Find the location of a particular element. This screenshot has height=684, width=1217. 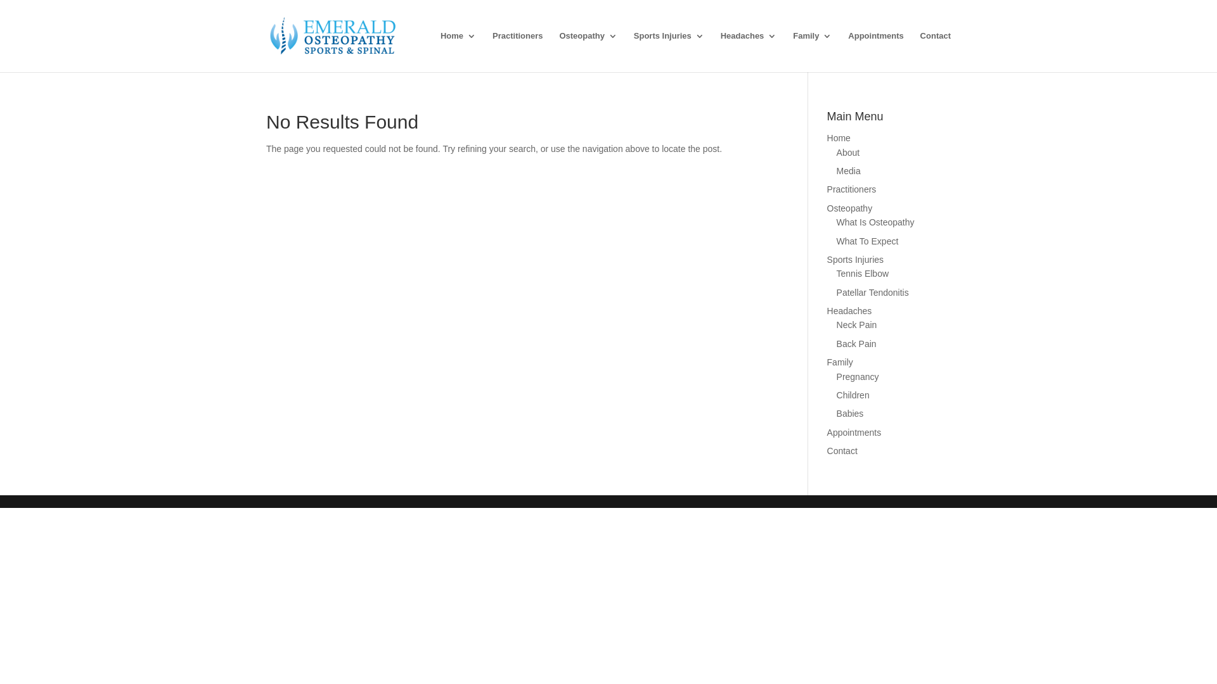

'Tennis Elbow' is located at coordinates (862, 273).